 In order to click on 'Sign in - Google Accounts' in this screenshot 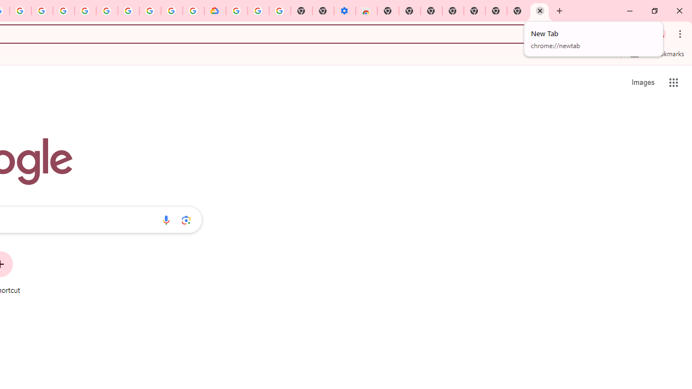, I will do `click(85, 11)`.